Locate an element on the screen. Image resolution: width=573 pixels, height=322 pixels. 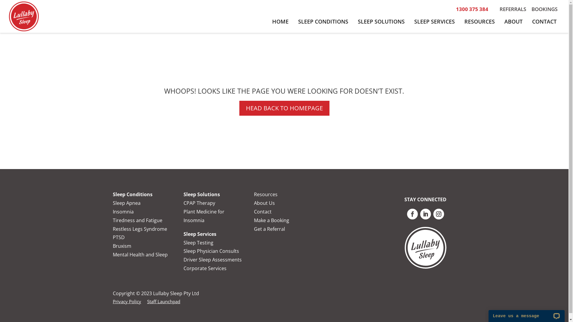
'ABOUT' is located at coordinates (513, 21).